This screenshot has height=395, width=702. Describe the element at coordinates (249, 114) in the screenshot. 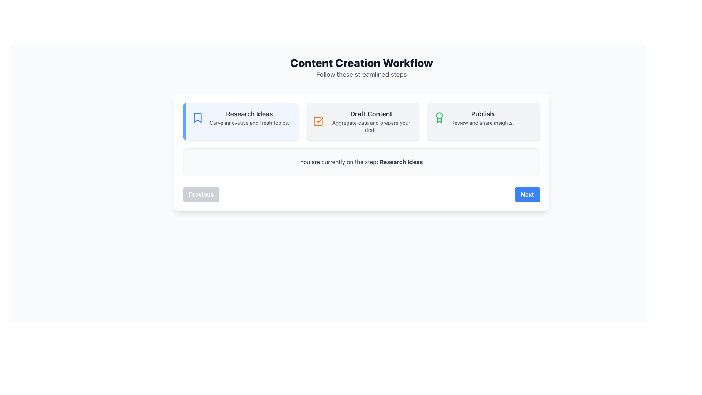

I see `the section title 'Research Ideas' which is the first step in the workflow, located at the top-left corner of its panel` at that location.